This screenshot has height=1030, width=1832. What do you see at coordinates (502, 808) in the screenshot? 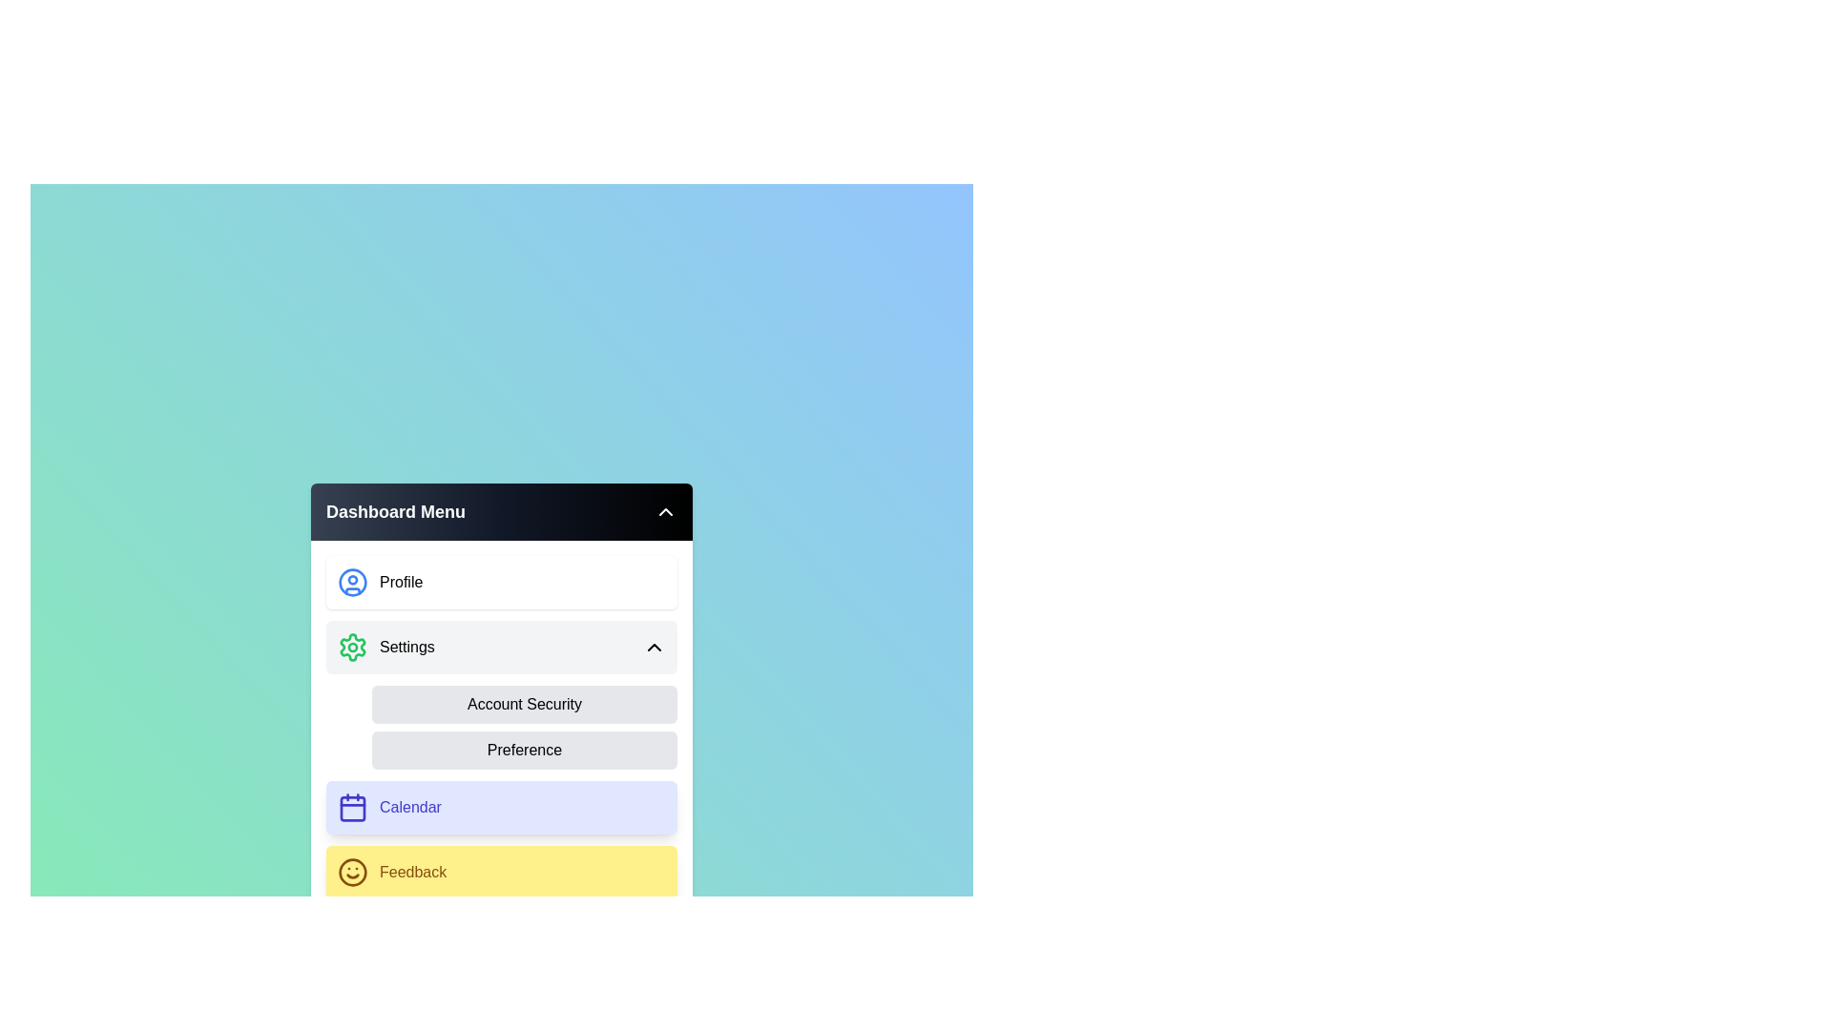
I see `the fourth button in the 'Dashboard Menu' located between 'Preference' and 'Feedback'` at bounding box center [502, 808].